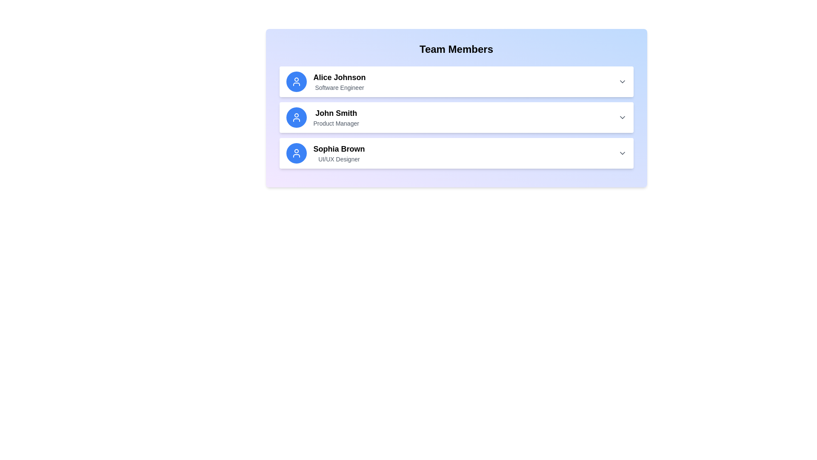  I want to click on the downward-facing chevron icon on the far right of the row containing 'John Smith' and 'Product Manager', so click(622, 118).